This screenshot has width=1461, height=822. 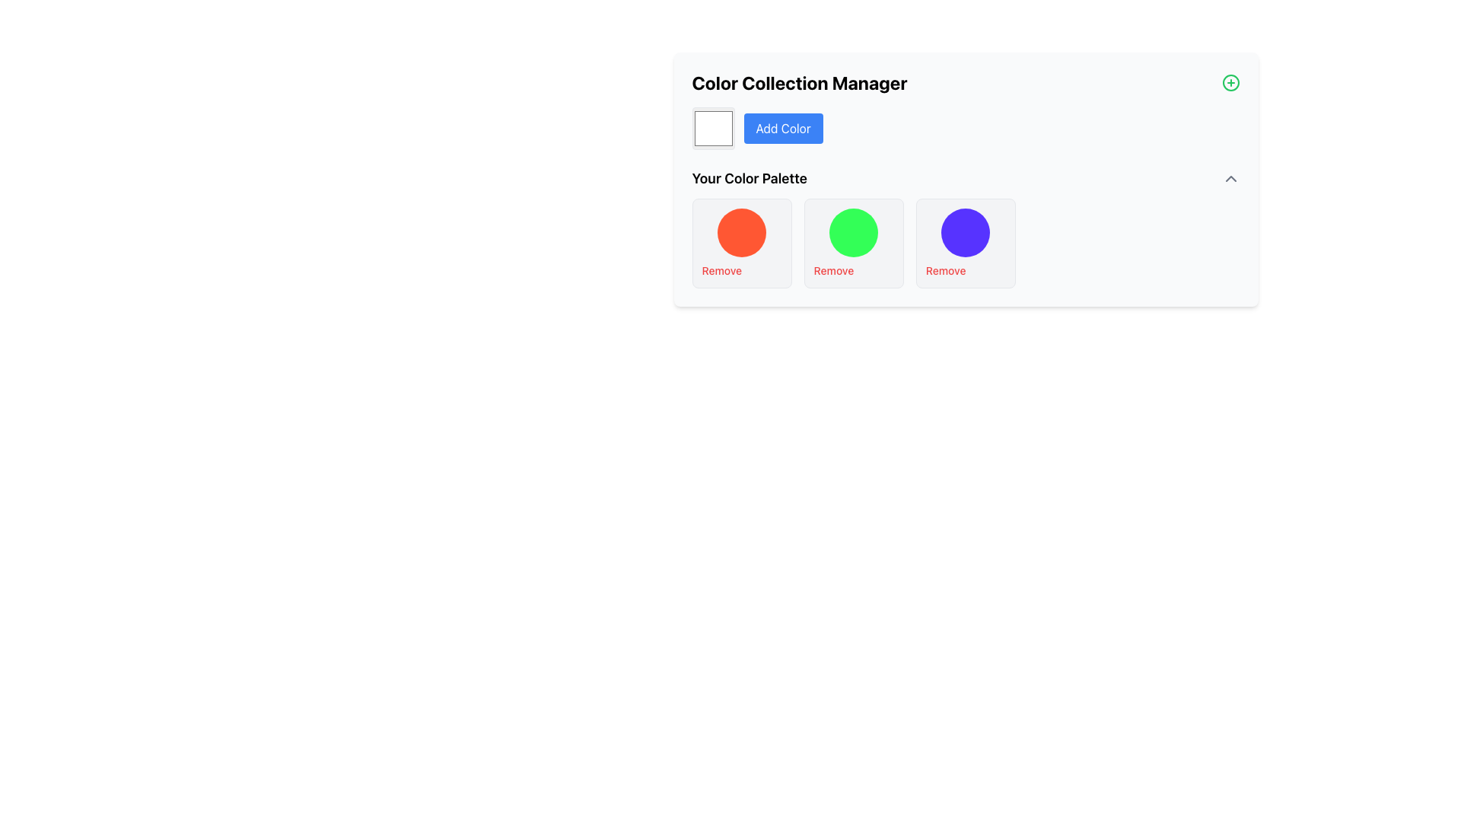 What do you see at coordinates (965, 243) in the screenshot?
I see `the third color indicator in 'Your Color Palette'` at bounding box center [965, 243].